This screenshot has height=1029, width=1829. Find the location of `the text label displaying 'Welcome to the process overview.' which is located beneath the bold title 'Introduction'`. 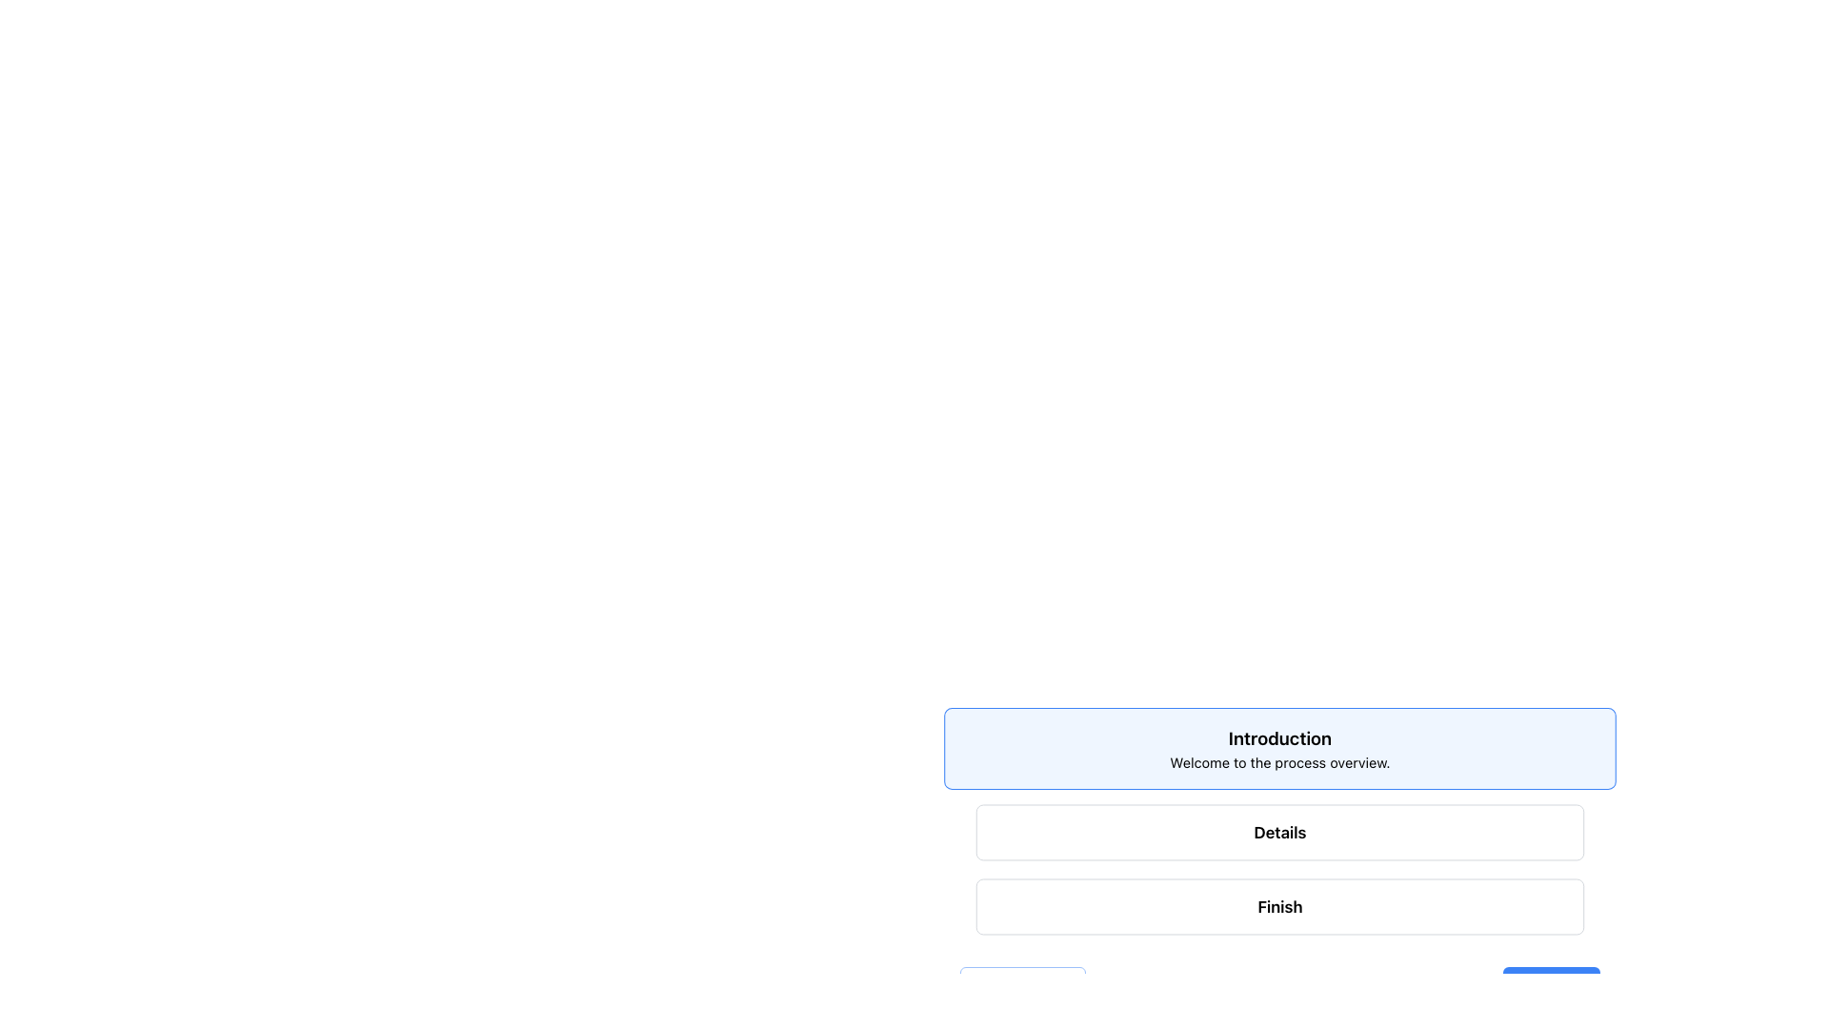

the text label displaying 'Welcome to the process overview.' which is located beneath the bold title 'Introduction' is located at coordinates (1279, 761).